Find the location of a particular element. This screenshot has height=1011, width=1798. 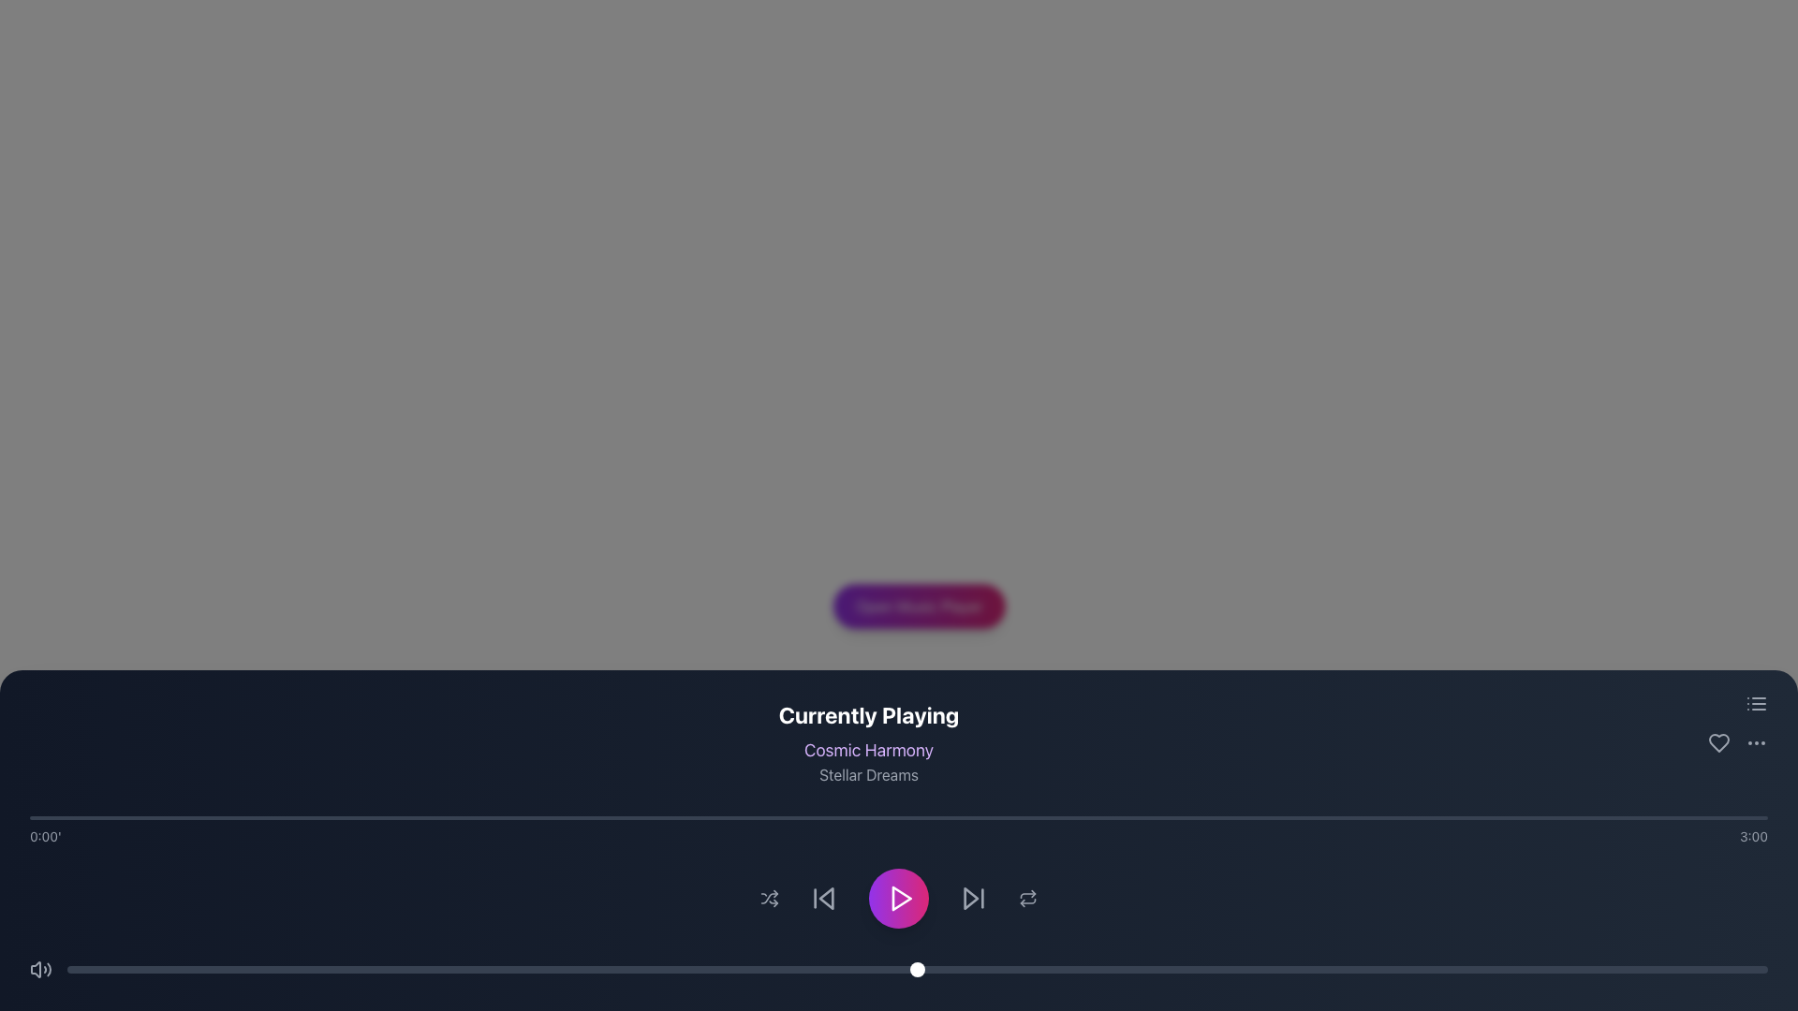

the subtitle text element that represents the name of a music track, positioned below 'Cosmic Harmony' and aligned with 'Currently Playing' is located at coordinates (867, 775).